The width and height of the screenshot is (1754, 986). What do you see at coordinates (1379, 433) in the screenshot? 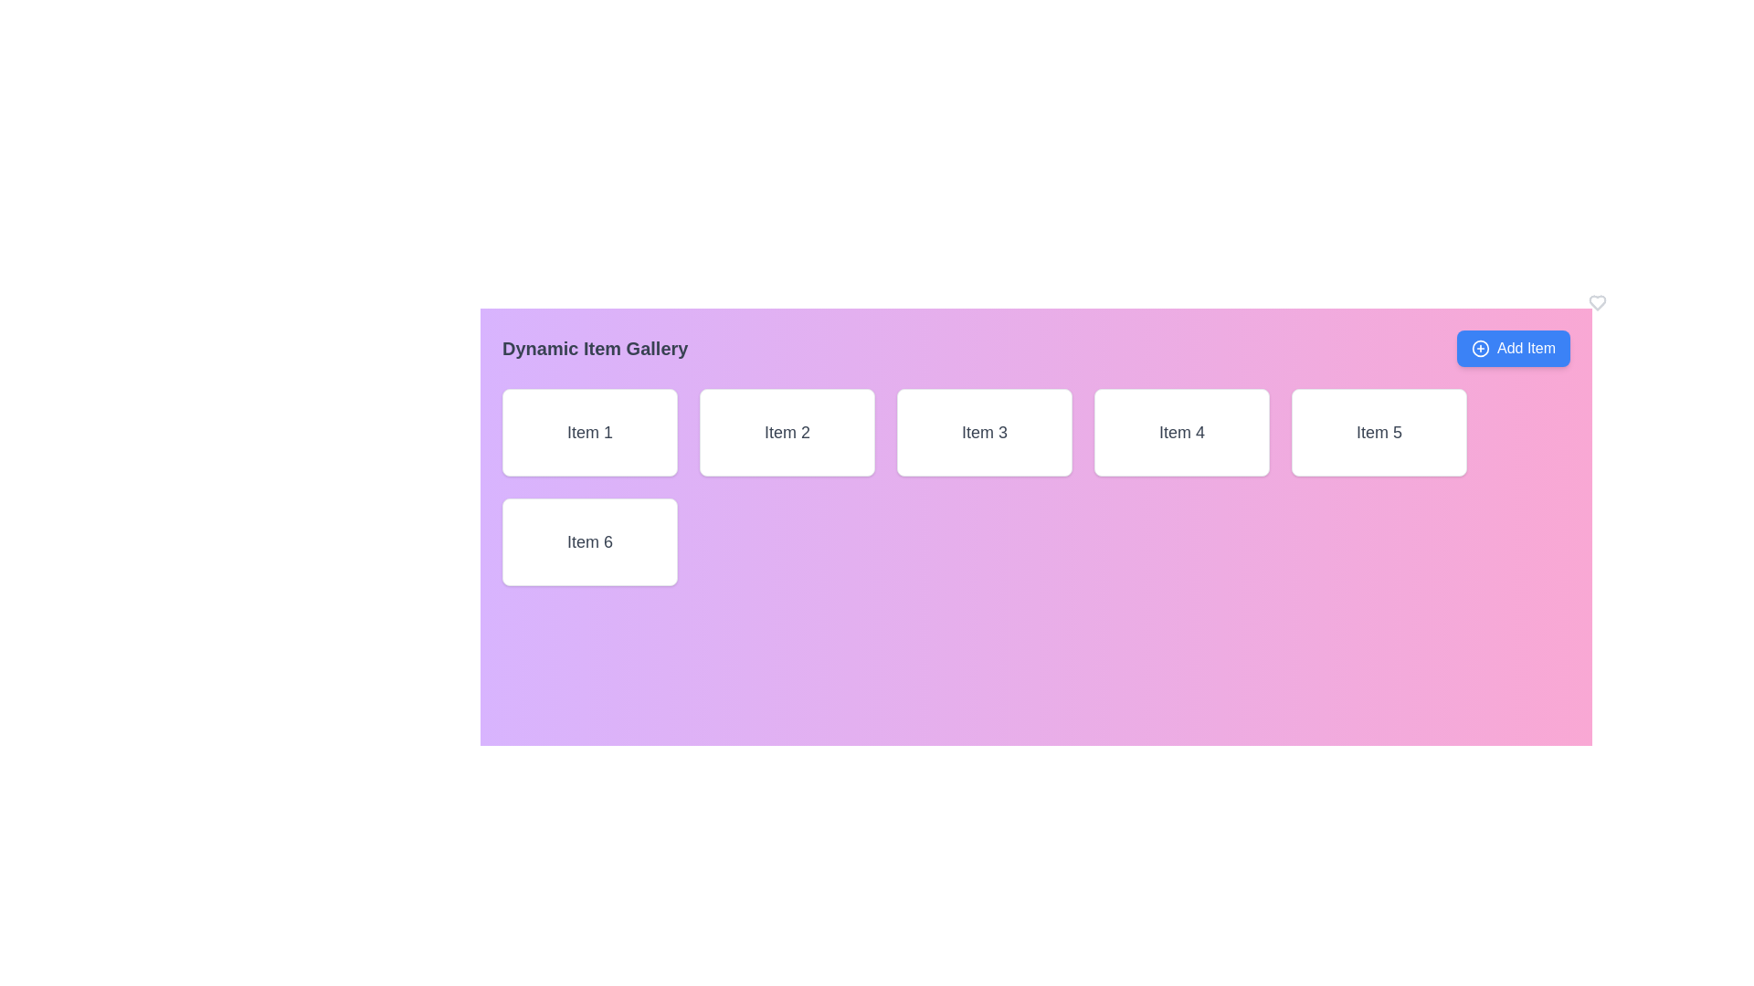
I see `the text label displaying 'Item 5' which is in bold font and dark gray color on a white card with rounded corners` at bounding box center [1379, 433].